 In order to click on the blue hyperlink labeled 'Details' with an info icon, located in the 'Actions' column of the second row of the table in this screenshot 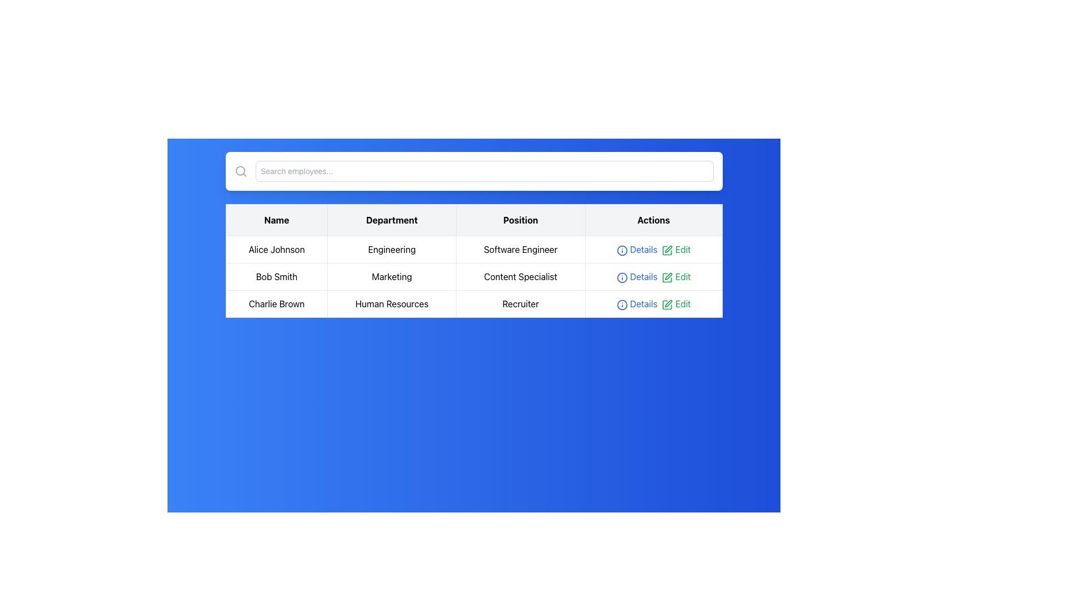, I will do `click(637, 276)`.